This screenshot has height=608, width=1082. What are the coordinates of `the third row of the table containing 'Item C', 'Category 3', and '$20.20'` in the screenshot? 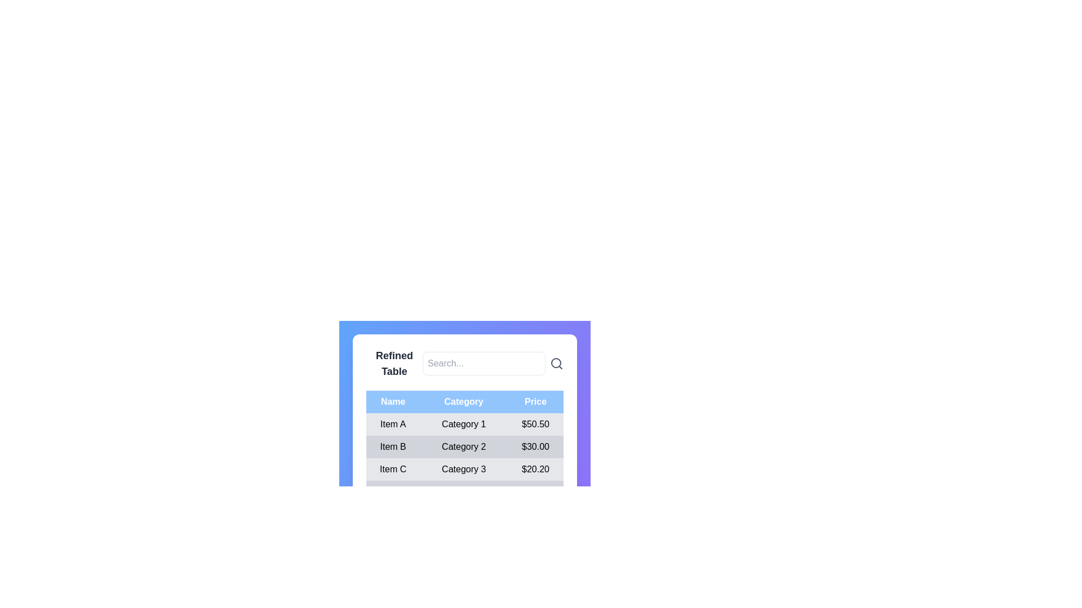 It's located at (465, 469).